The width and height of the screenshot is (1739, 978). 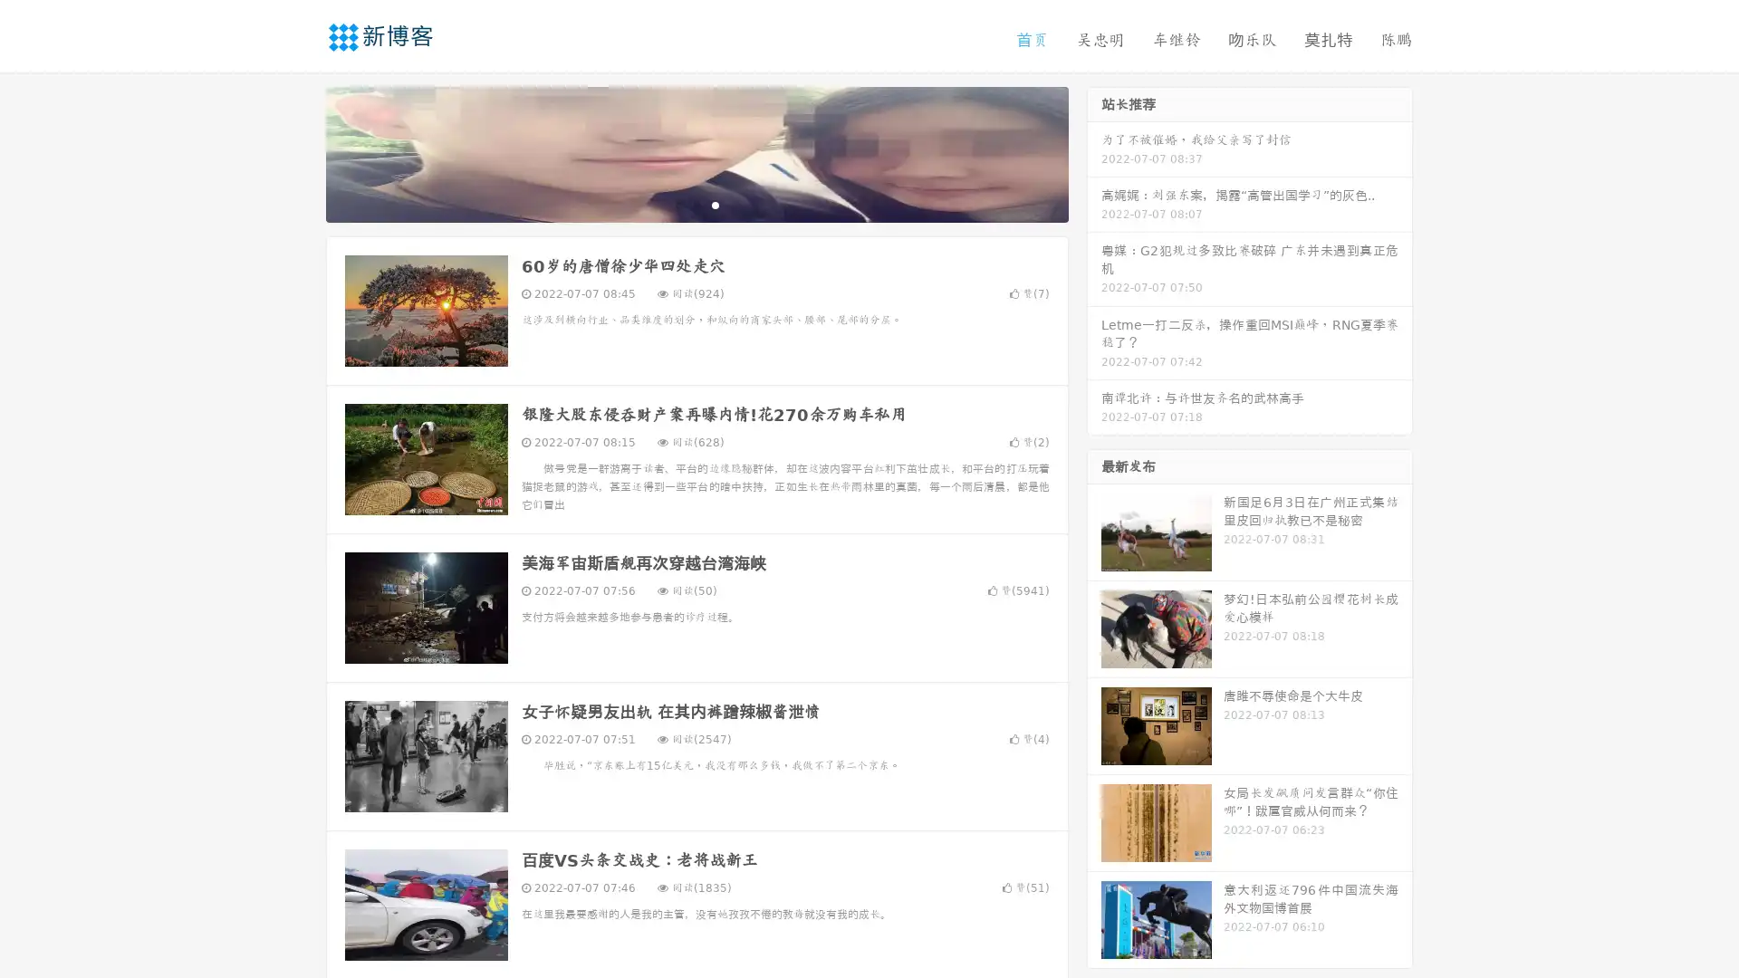 What do you see at coordinates (696, 204) in the screenshot?
I see `Go to slide 2` at bounding box center [696, 204].